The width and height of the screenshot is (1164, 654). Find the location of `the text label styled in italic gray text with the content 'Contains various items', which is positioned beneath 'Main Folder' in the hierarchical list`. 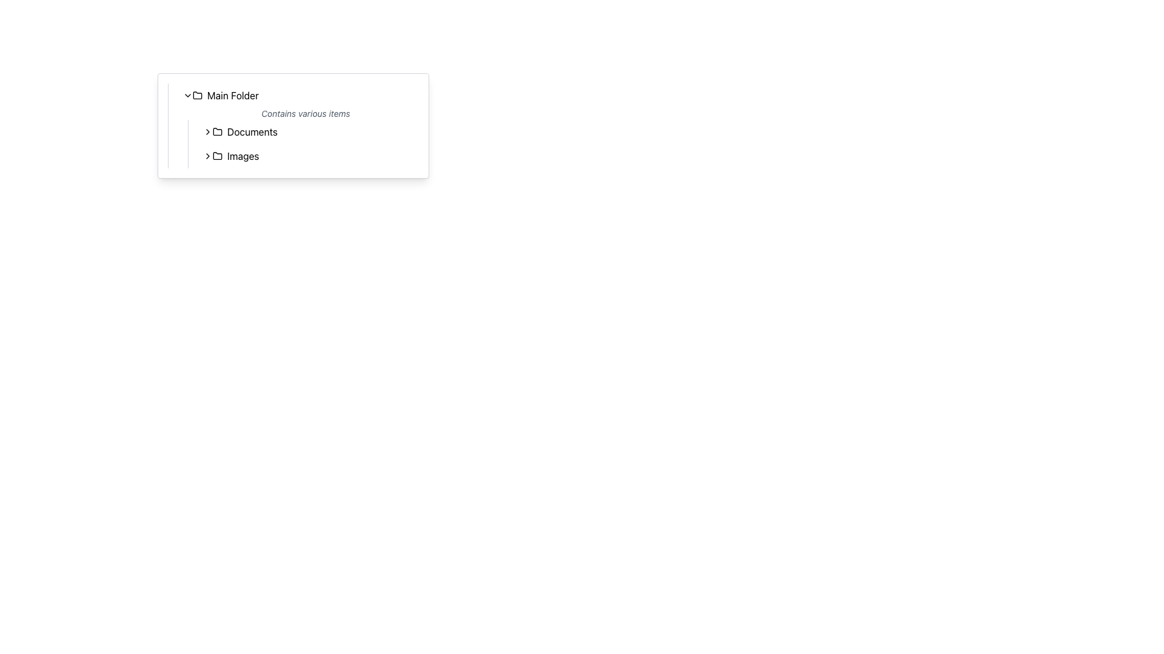

the text label styled in italic gray text with the content 'Contains various items', which is positioned beneath 'Main Folder' in the hierarchical list is located at coordinates (298, 114).